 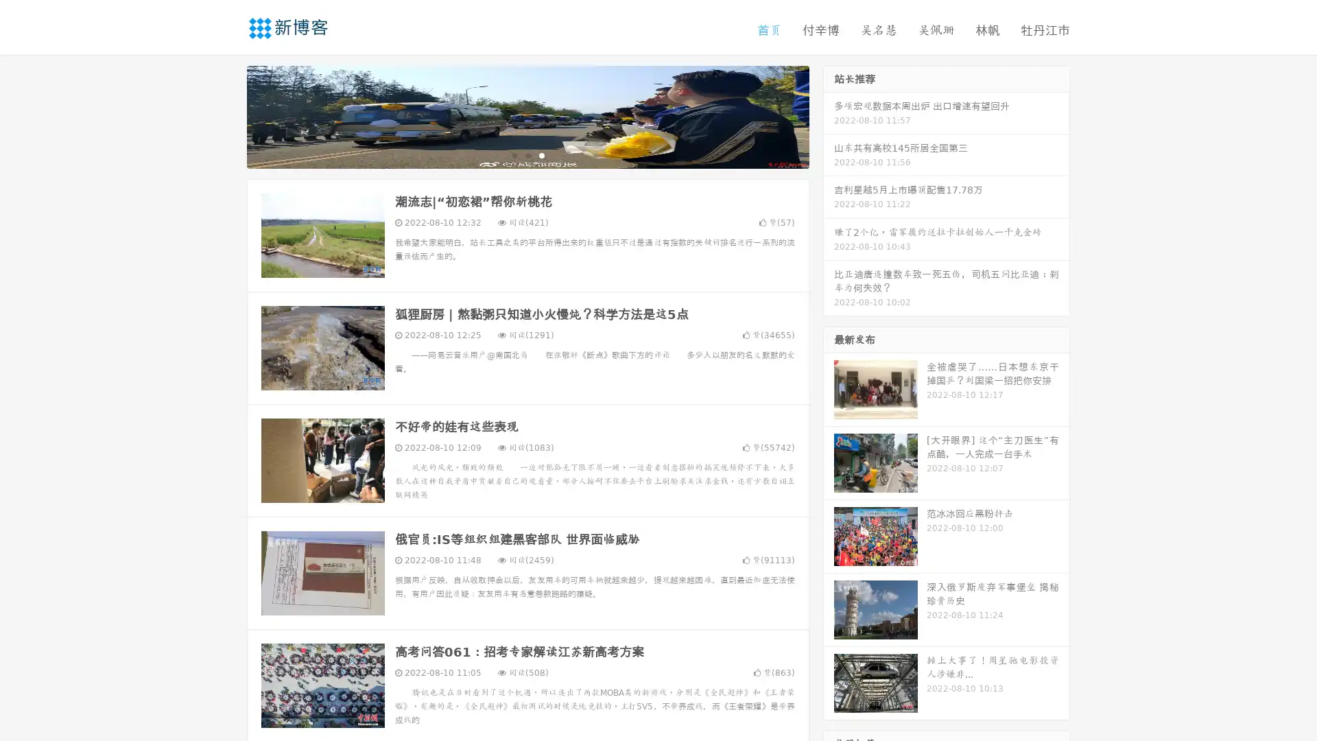 I want to click on Next slide, so click(x=829, y=115).